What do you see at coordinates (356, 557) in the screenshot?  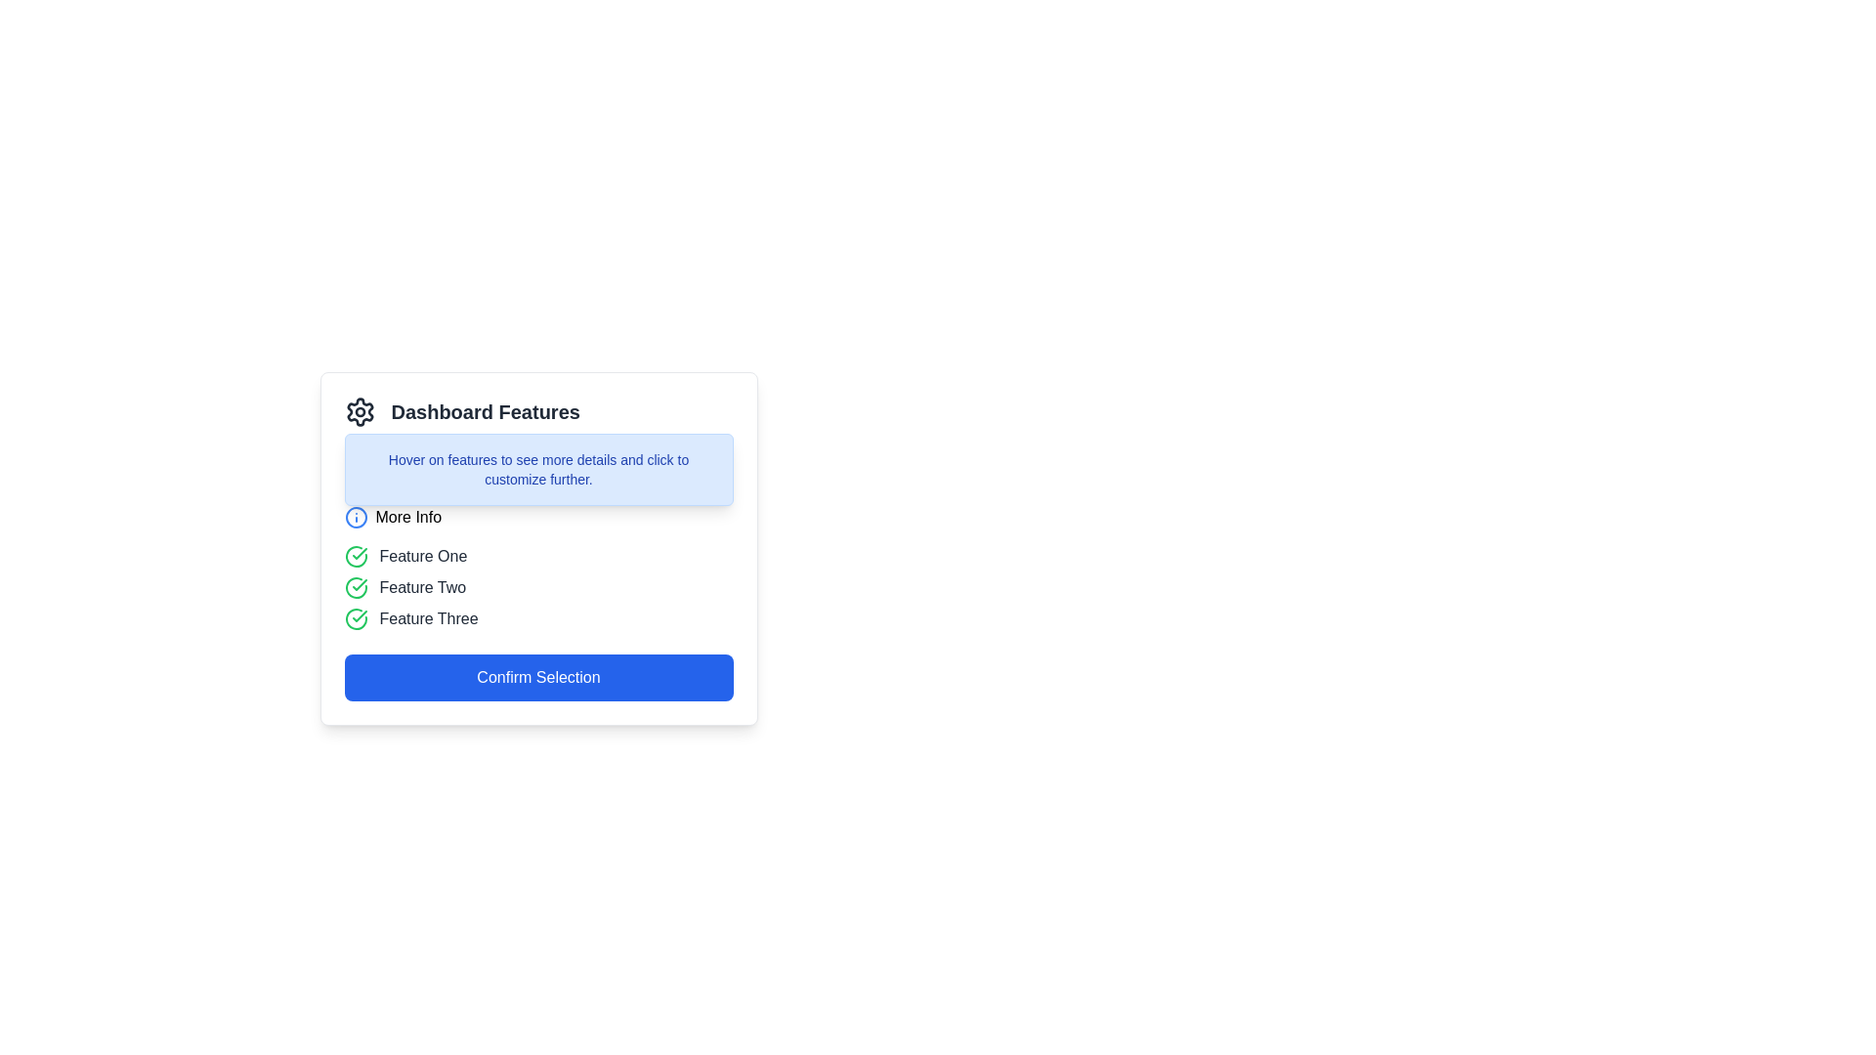 I see `the green circle icon with a checkmark located to the left of the text 'Feature Two' in the vertical list of features` at bounding box center [356, 557].